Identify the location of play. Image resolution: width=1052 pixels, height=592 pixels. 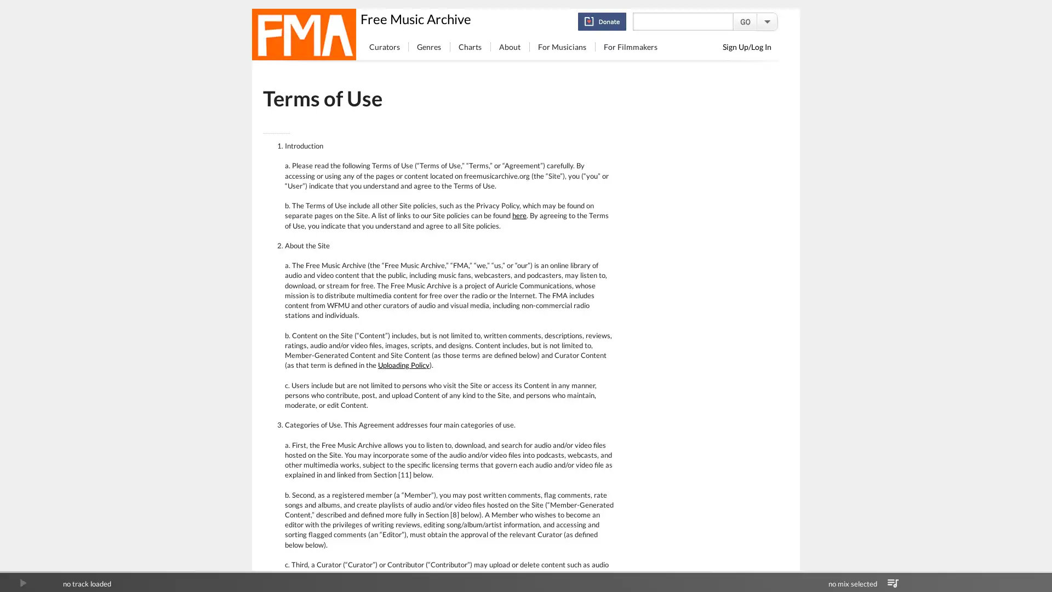
(22, 583).